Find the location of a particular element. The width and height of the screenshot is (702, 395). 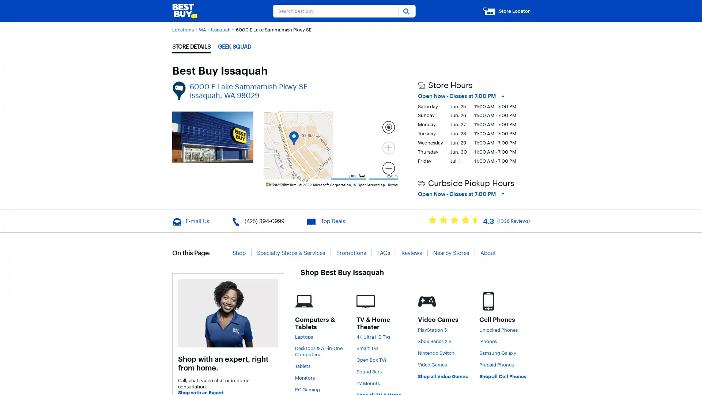

Current Level 15, Zoom Out is located at coordinates (388, 168).